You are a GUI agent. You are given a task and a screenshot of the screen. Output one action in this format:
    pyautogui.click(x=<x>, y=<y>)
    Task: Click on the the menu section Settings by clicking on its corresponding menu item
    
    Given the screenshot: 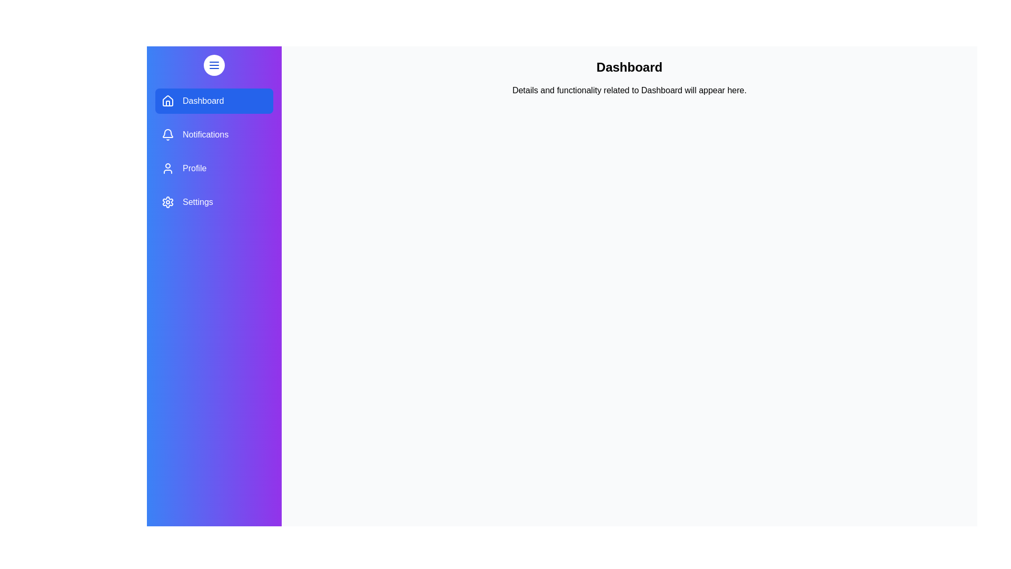 What is the action you would take?
    pyautogui.click(x=214, y=202)
    